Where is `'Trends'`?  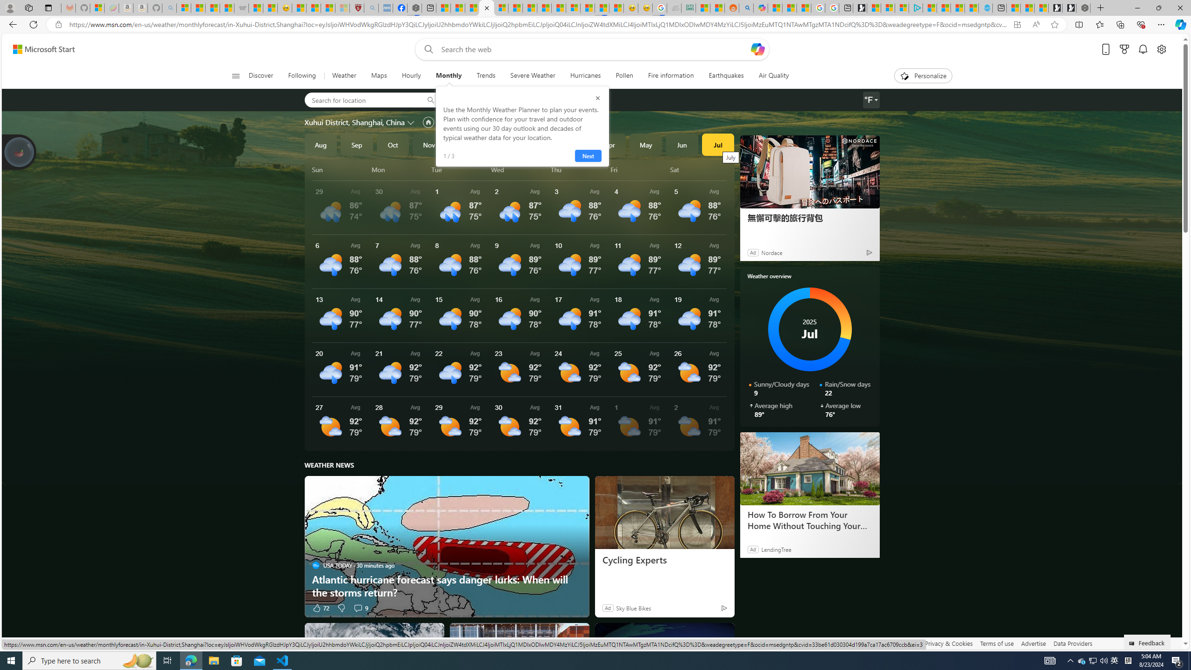 'Trends' is located at coordinates (485, 75).